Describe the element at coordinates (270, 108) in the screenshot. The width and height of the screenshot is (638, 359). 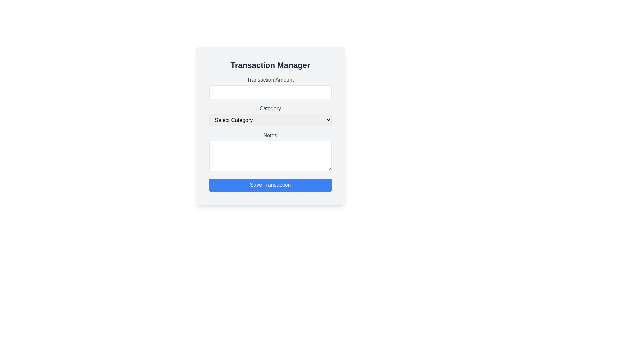
I see `the text label element containing the word 'Category', which is styled in gray and located above the dropdown menu labeled 'Select Category' in the 'Transaction Manager' section` at that location.